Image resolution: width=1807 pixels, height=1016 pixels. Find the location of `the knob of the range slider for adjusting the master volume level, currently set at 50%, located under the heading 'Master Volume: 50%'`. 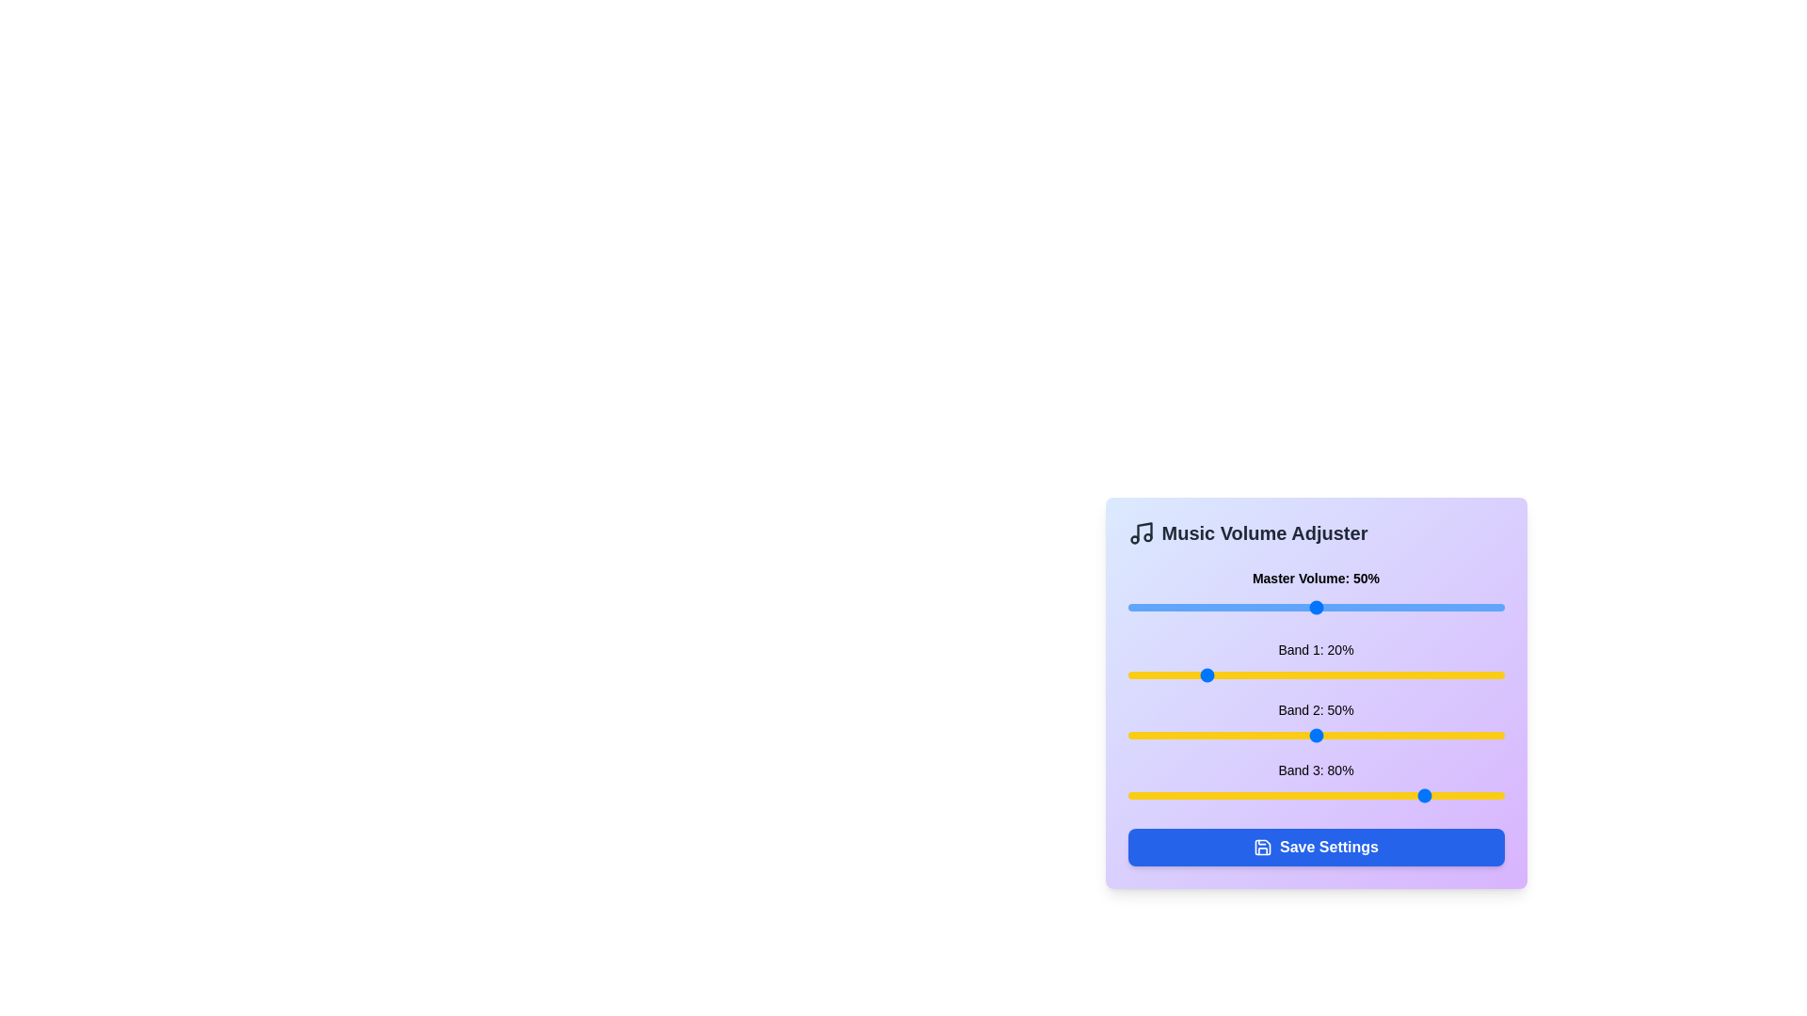

the knob of the range slider for adjusting the master volume level, currently set at 50%, located under the heading 'Master Volume: 50%' is located at coordinates (1315, 607).